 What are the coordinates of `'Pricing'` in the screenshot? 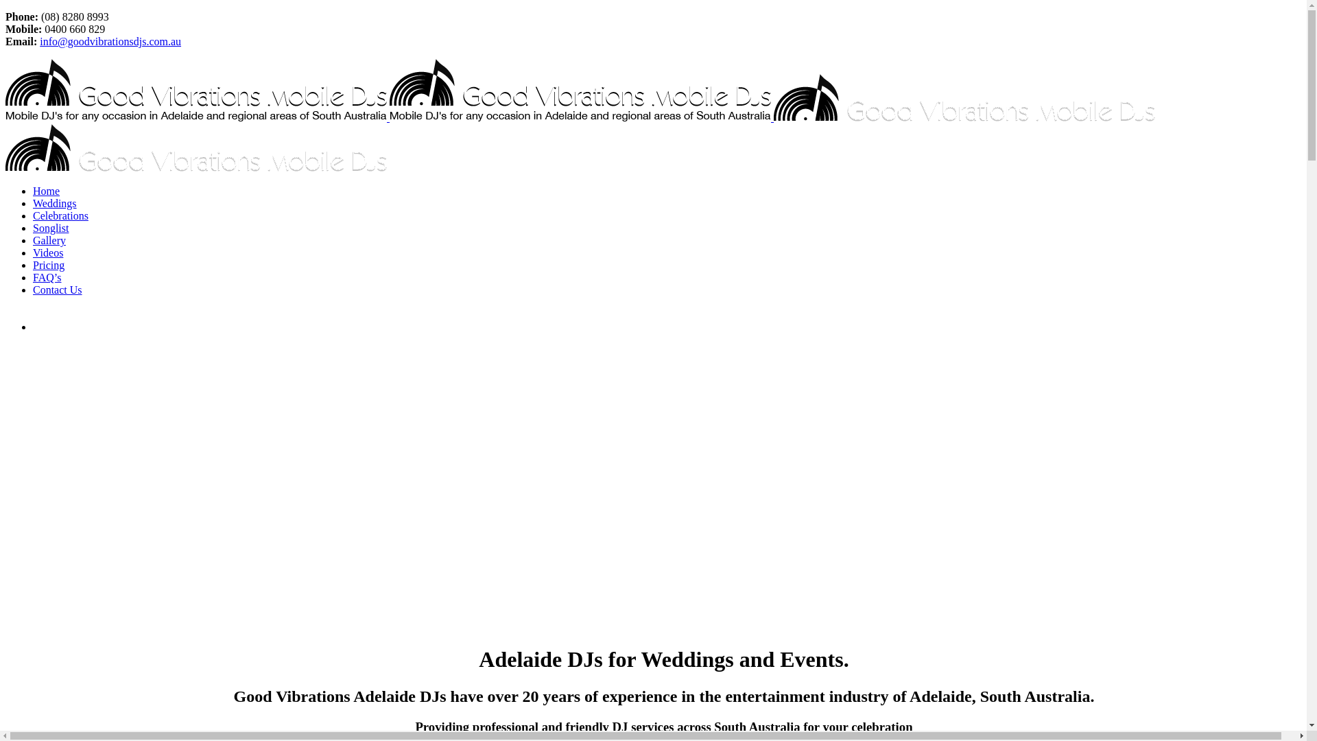 It's located at (49, 265).